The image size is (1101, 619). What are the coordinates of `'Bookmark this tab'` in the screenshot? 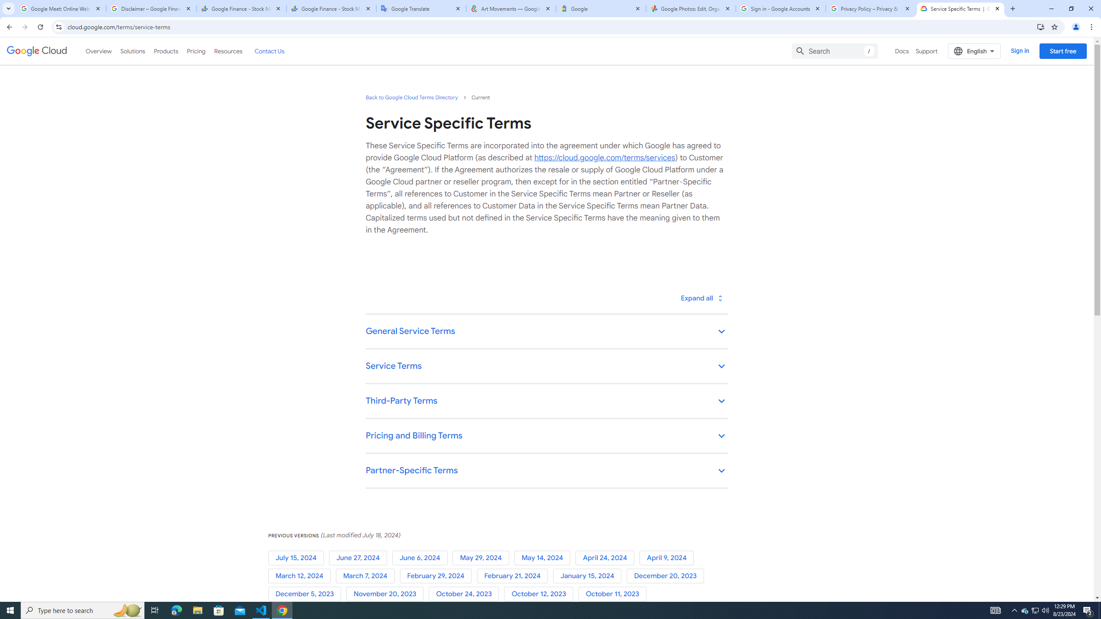 It's located at (1054, 26).